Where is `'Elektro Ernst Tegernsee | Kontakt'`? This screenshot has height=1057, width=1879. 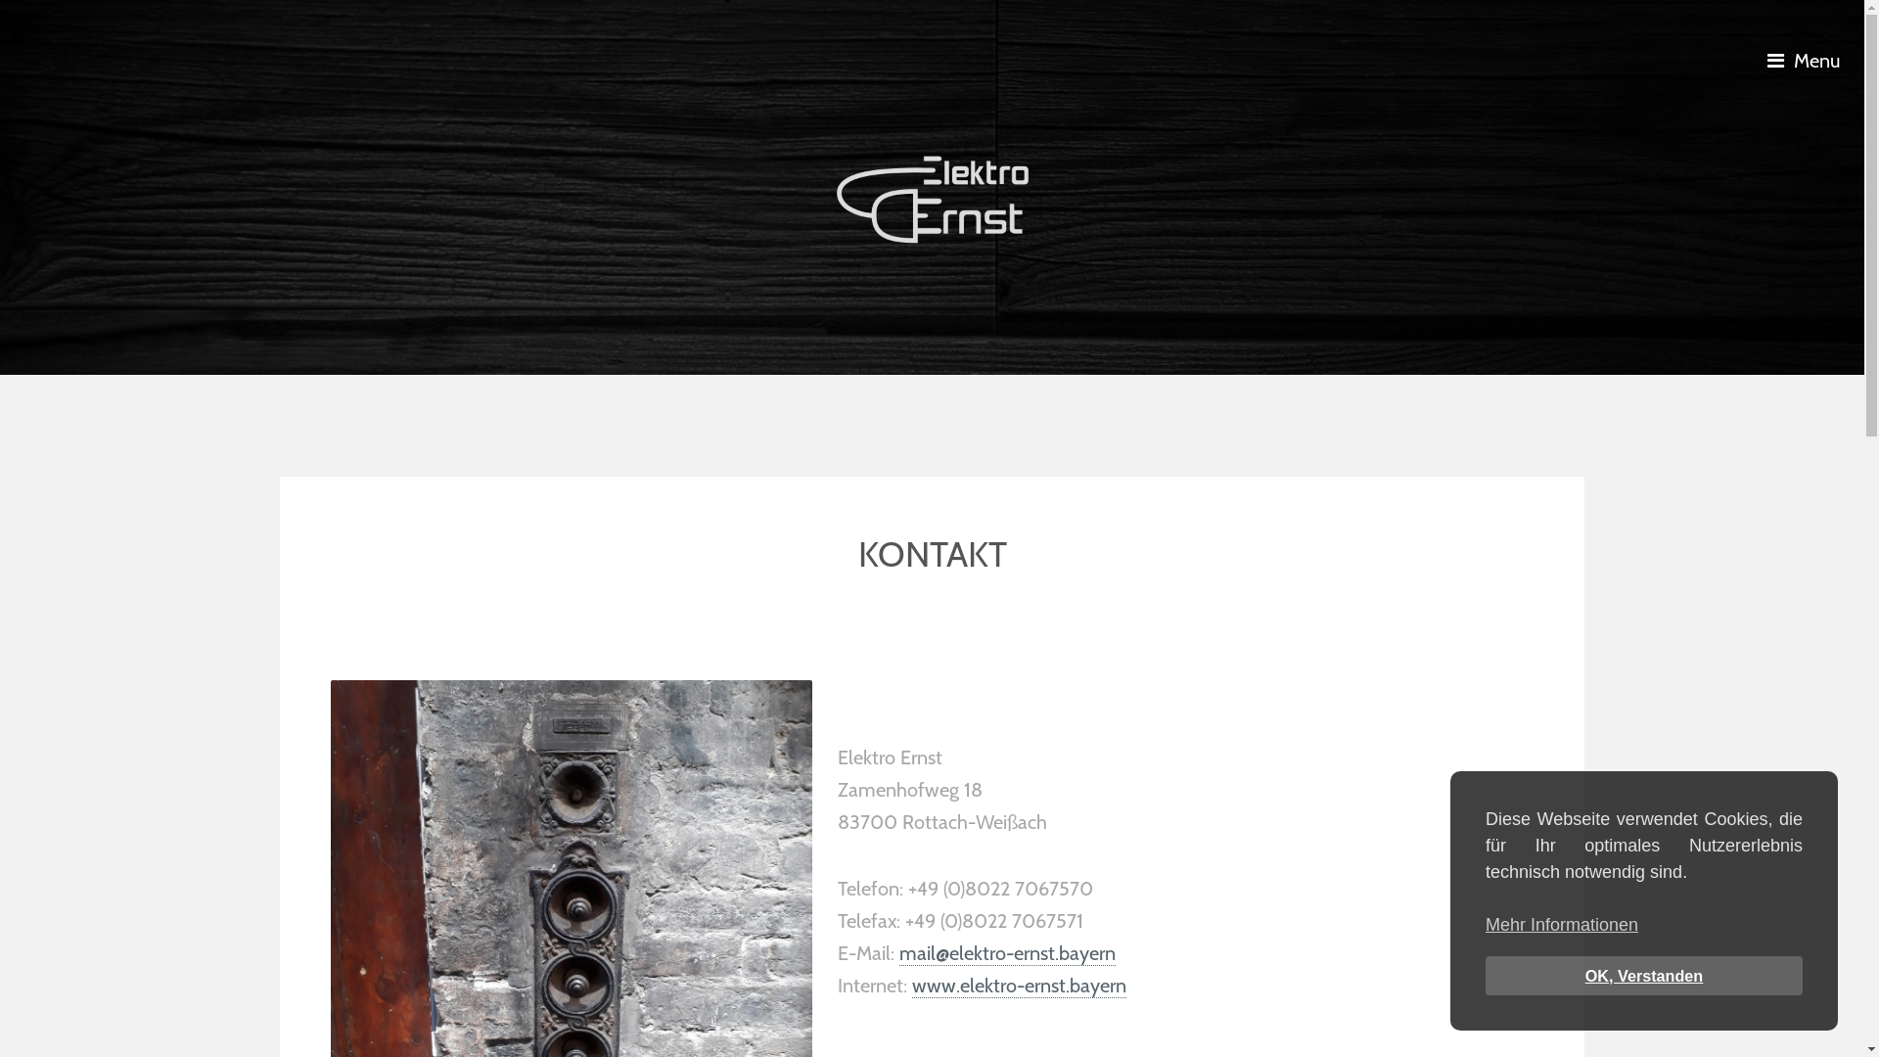
'Elektro Ernst Tegernsee | Kontakt' is located at coordinates (930, 200).